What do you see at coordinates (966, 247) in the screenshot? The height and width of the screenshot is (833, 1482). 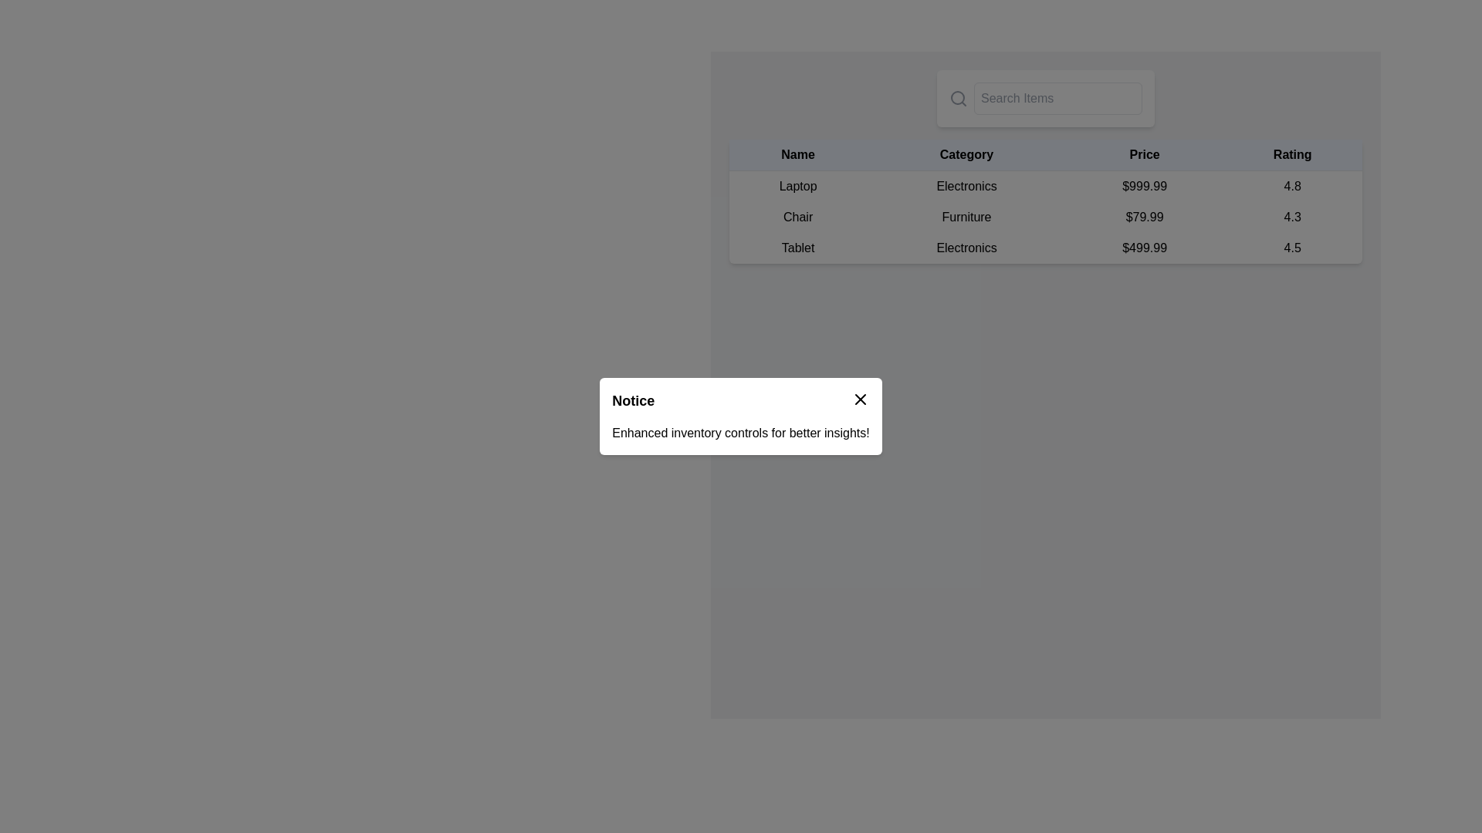 I see `the static text label that describes the item 'Tablet', located between the 'Tablet' text and the price text '$499.99'` at bounding box center [966, 247].